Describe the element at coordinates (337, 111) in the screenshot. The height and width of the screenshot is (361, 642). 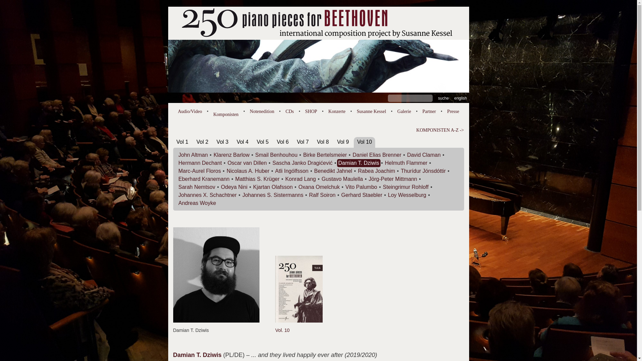
I see `'Konzerte'` at that location.